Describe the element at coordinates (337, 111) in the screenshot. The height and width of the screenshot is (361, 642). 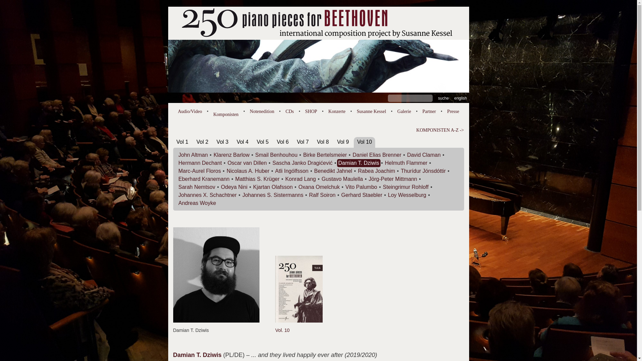
I see `'Konzerte'` at that location.